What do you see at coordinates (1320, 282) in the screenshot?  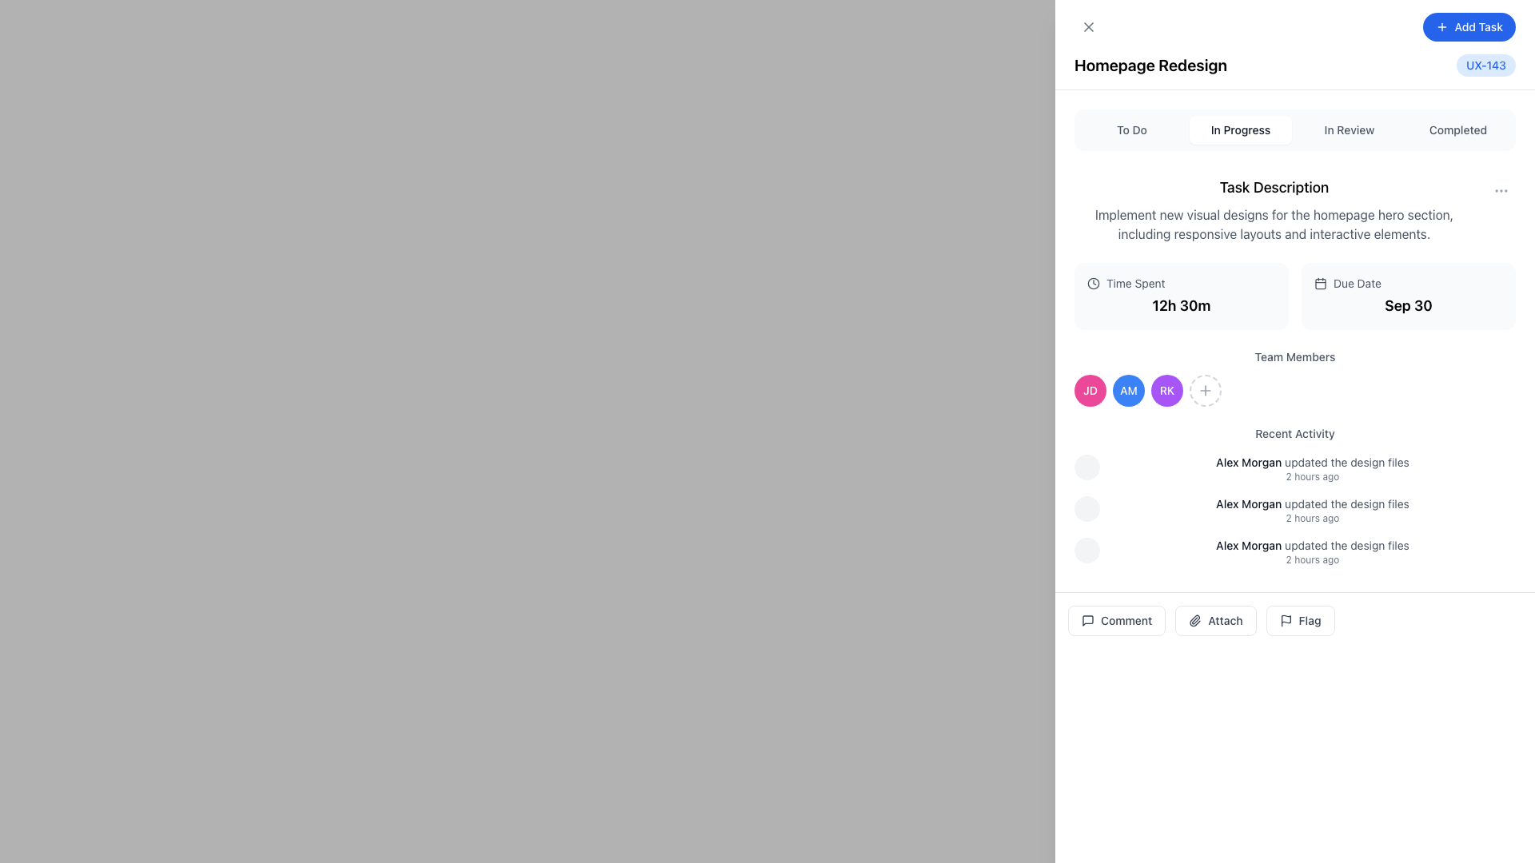 I see `the SVG rectangle component that visually represents the calendar icon, located centrally near the top of the 'Due Date' section` at bounding box center [1320, 282].